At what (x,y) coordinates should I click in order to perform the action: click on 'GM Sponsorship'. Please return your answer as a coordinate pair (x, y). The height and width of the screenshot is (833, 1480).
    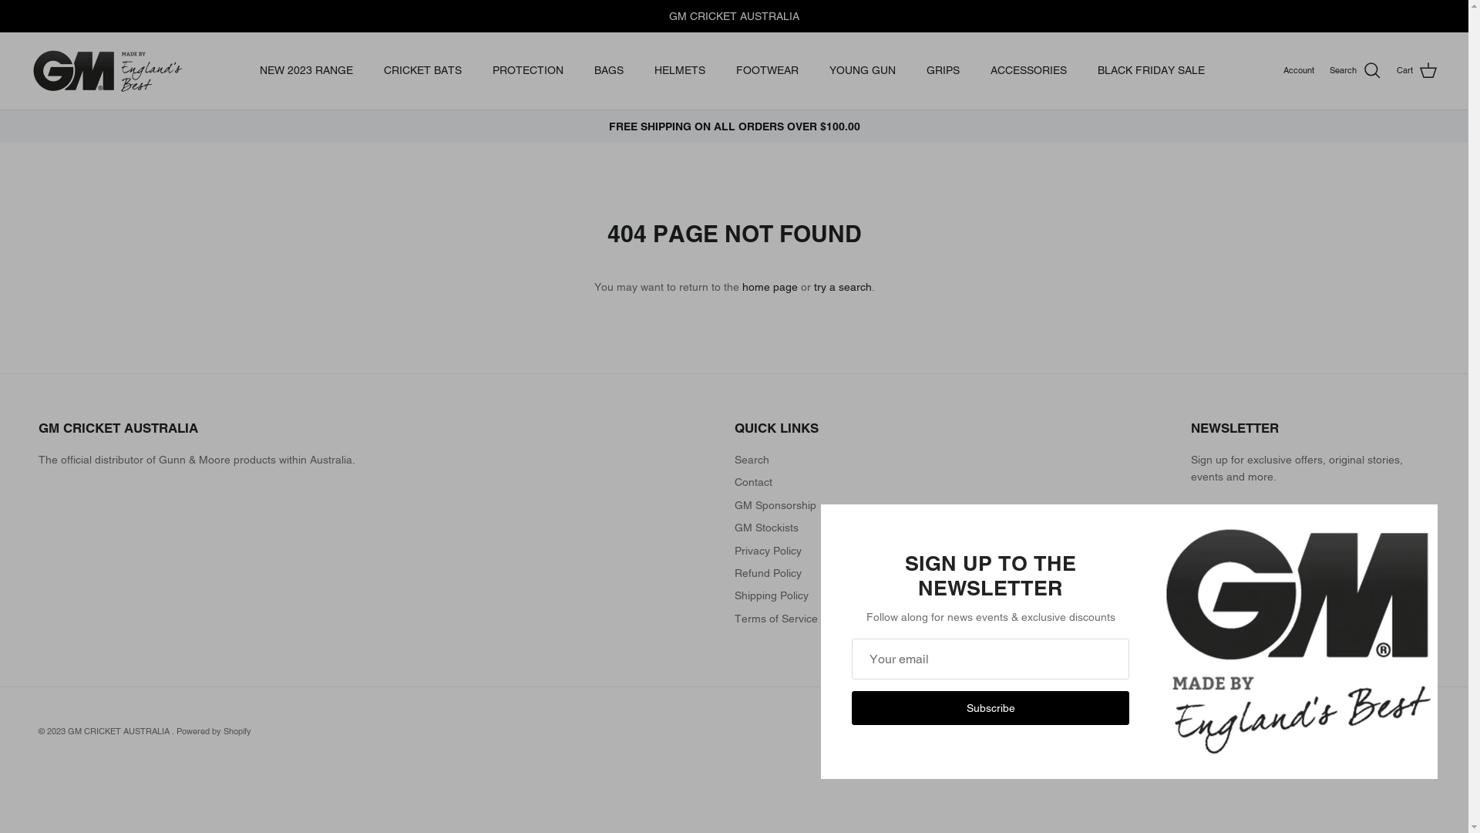
    Looking at the image, I should click on (734, 505).